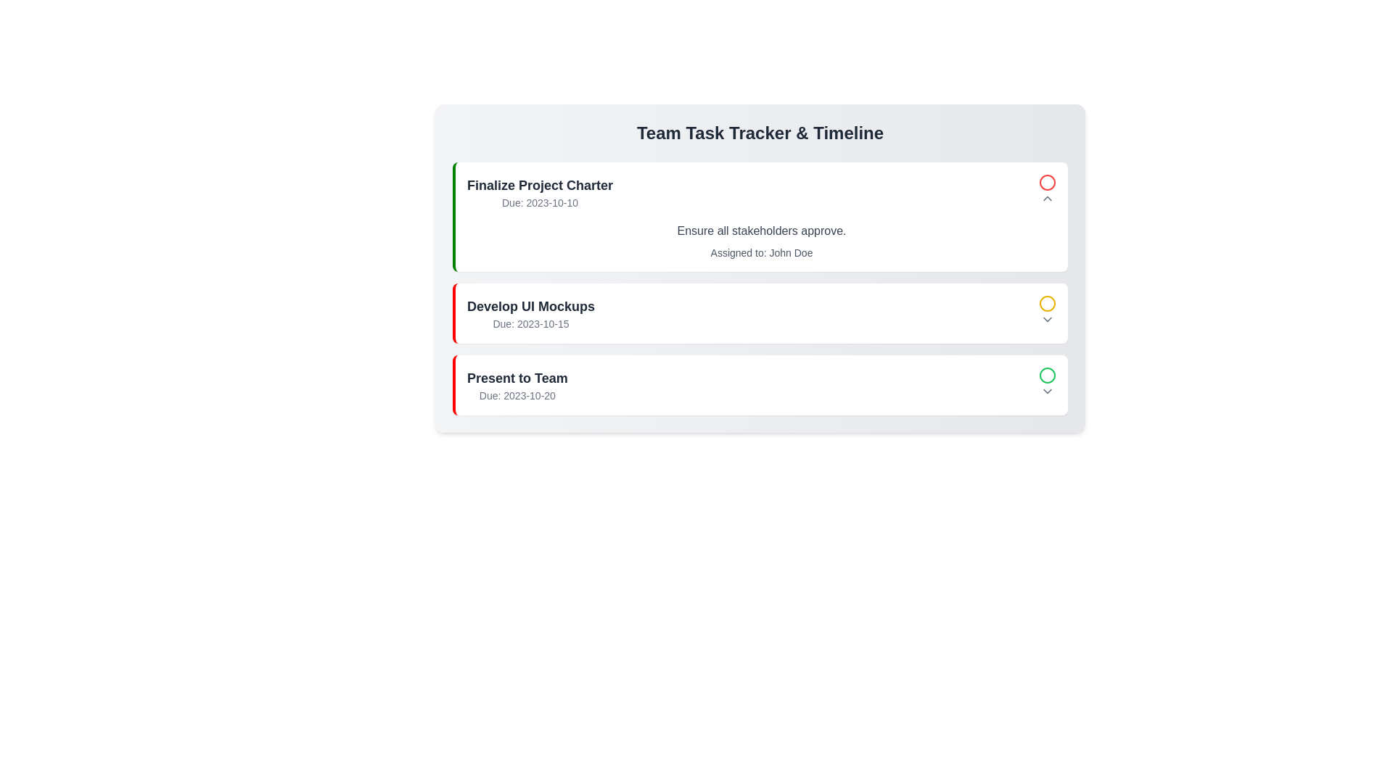  What do you see at coordinates (761, 240) in the screenshot?
I see `information provided in the Text block located under the title and due date of the 'Finalize Project Charter' card, centered horizontally and directly below the main task details` at bounding box center [761, 240].